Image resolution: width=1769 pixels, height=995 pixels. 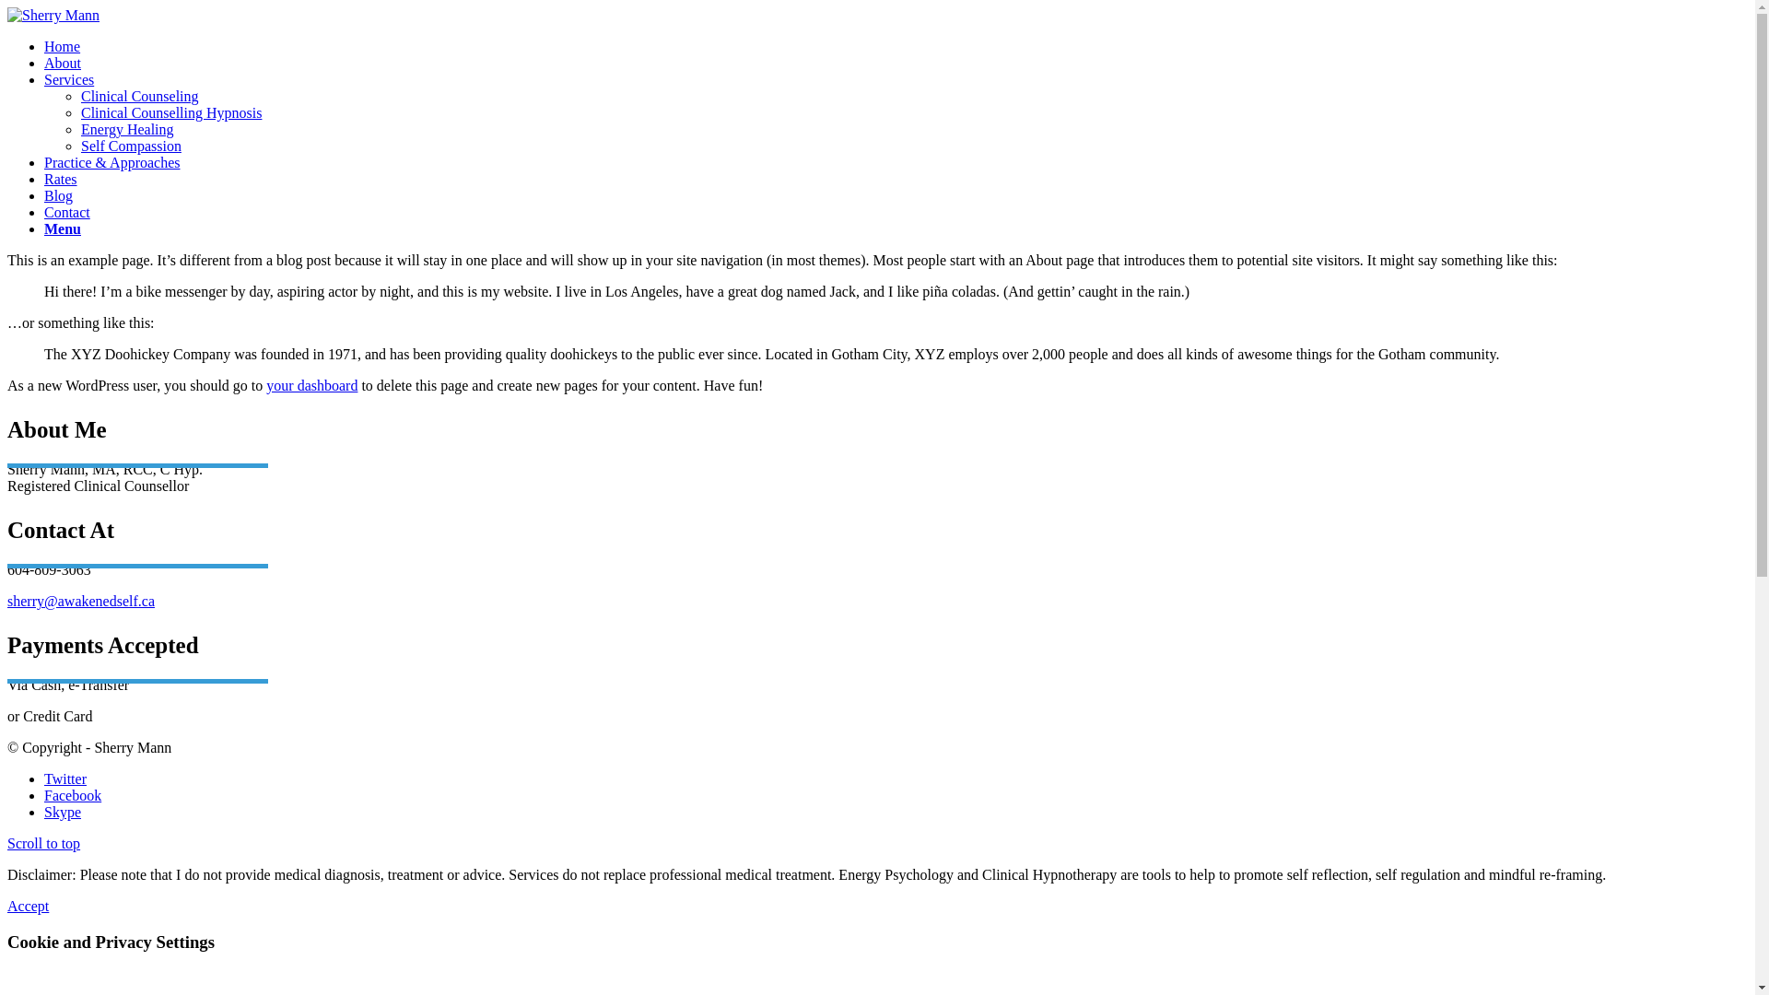 What do you see at coordinates (62, 228) in the screenshot?
I see `'Menu'` at bounding box center [62, 228].